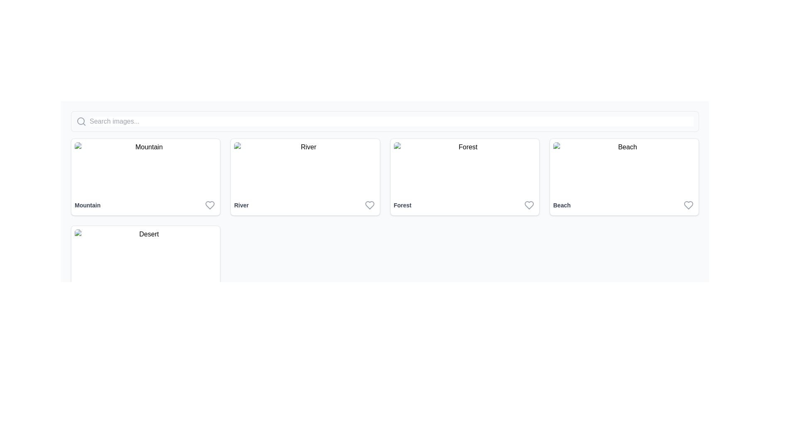 The width and height of the screenshot is (797, 448). I want to click on the heart icon located in the bottom right corner of the 'Beach' card, which represents a 'favorite' or 'like' feature, so click(689, 205).